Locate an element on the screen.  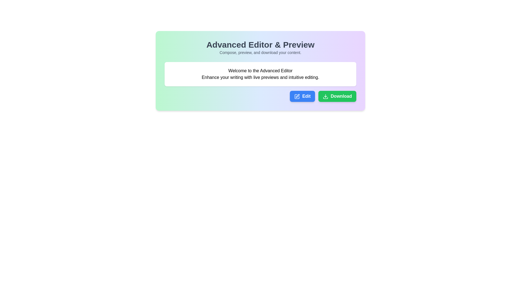
the heading text displaying 'Advanced Editor & Preview', which is styled with a large, bold font and is positioned at the top of a card-like interface is located at coordinates (260, 45).